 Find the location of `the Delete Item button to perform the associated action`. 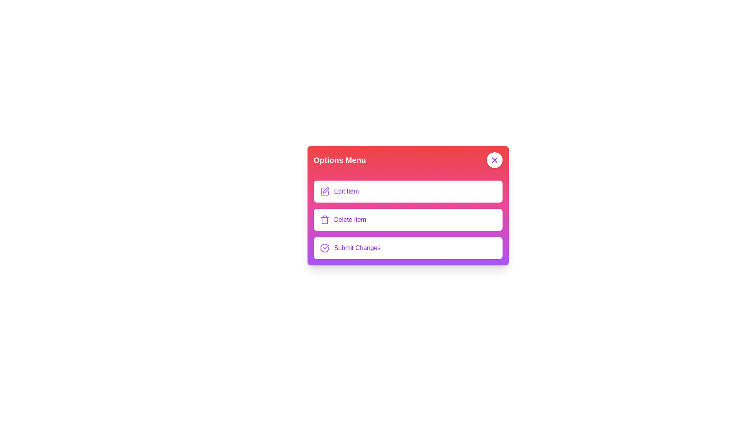

the Delete Item button to perform the associated action is located at coordinates (324, 219).